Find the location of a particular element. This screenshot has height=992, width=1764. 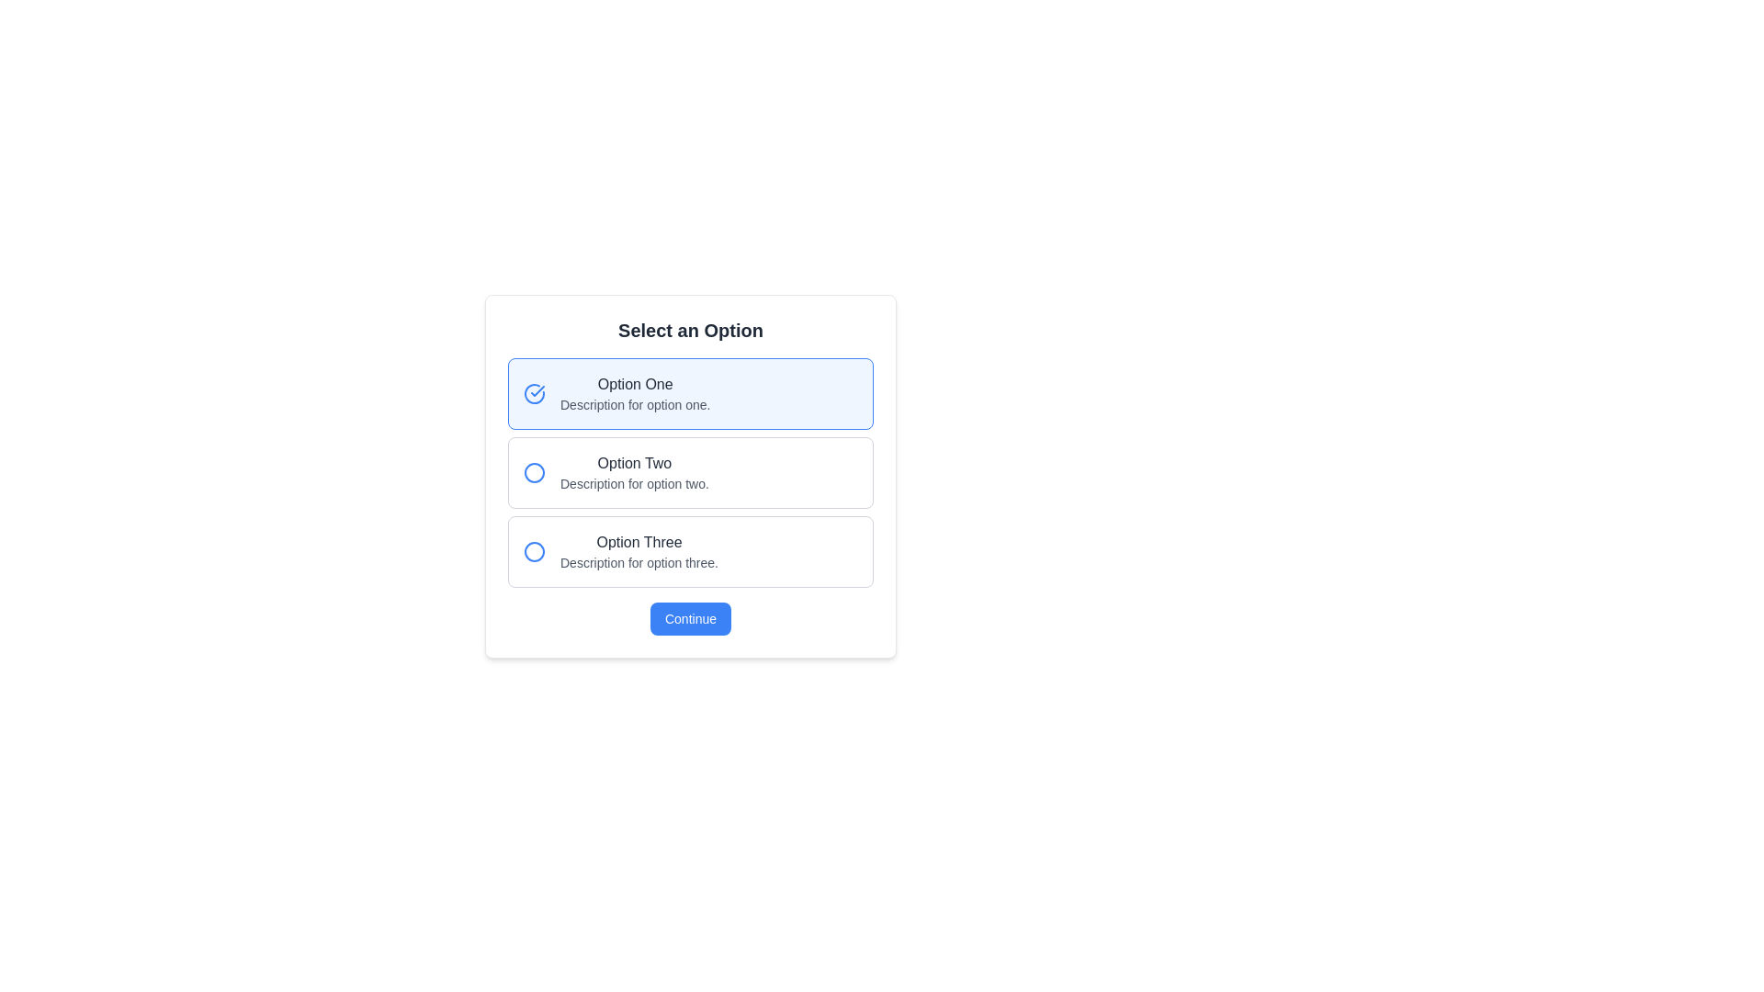

the 'Option One' text label, which is displayed in a medium-sized dark gray font and is located under the 'Select an Option' section, above the description text for this option is located at coordinates (635, 384).